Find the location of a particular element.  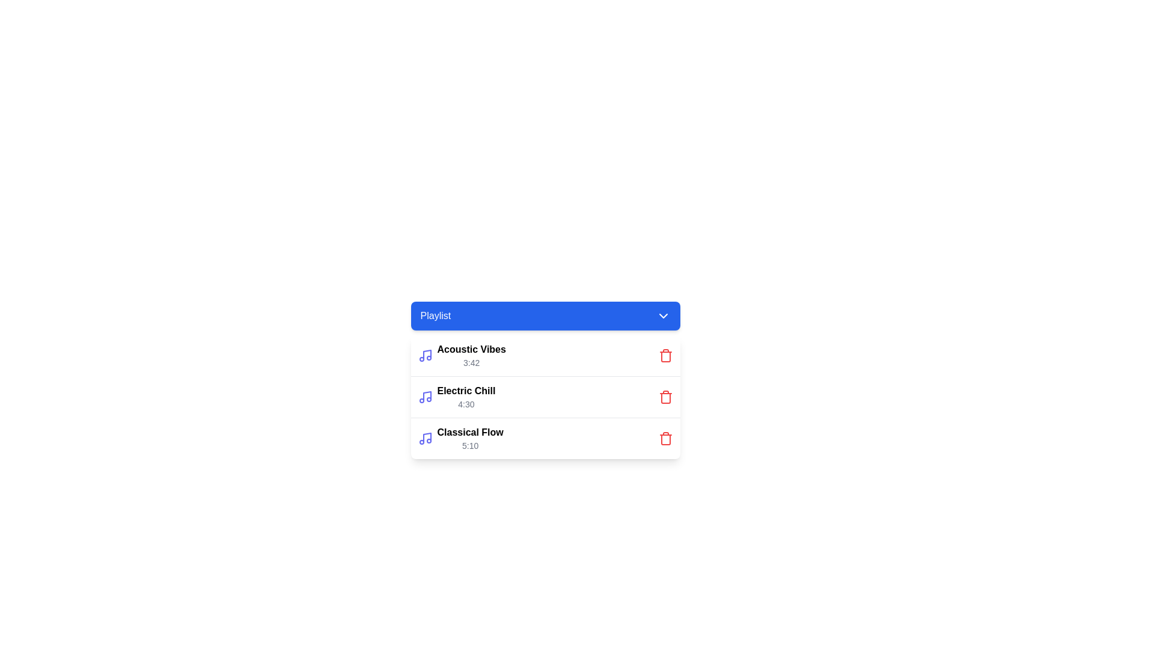

the text label reading 'Classical Flow' for copying, which is part of a playlist interface and positioned above the time duration text '5:10' is located at coordinates (469, 433).